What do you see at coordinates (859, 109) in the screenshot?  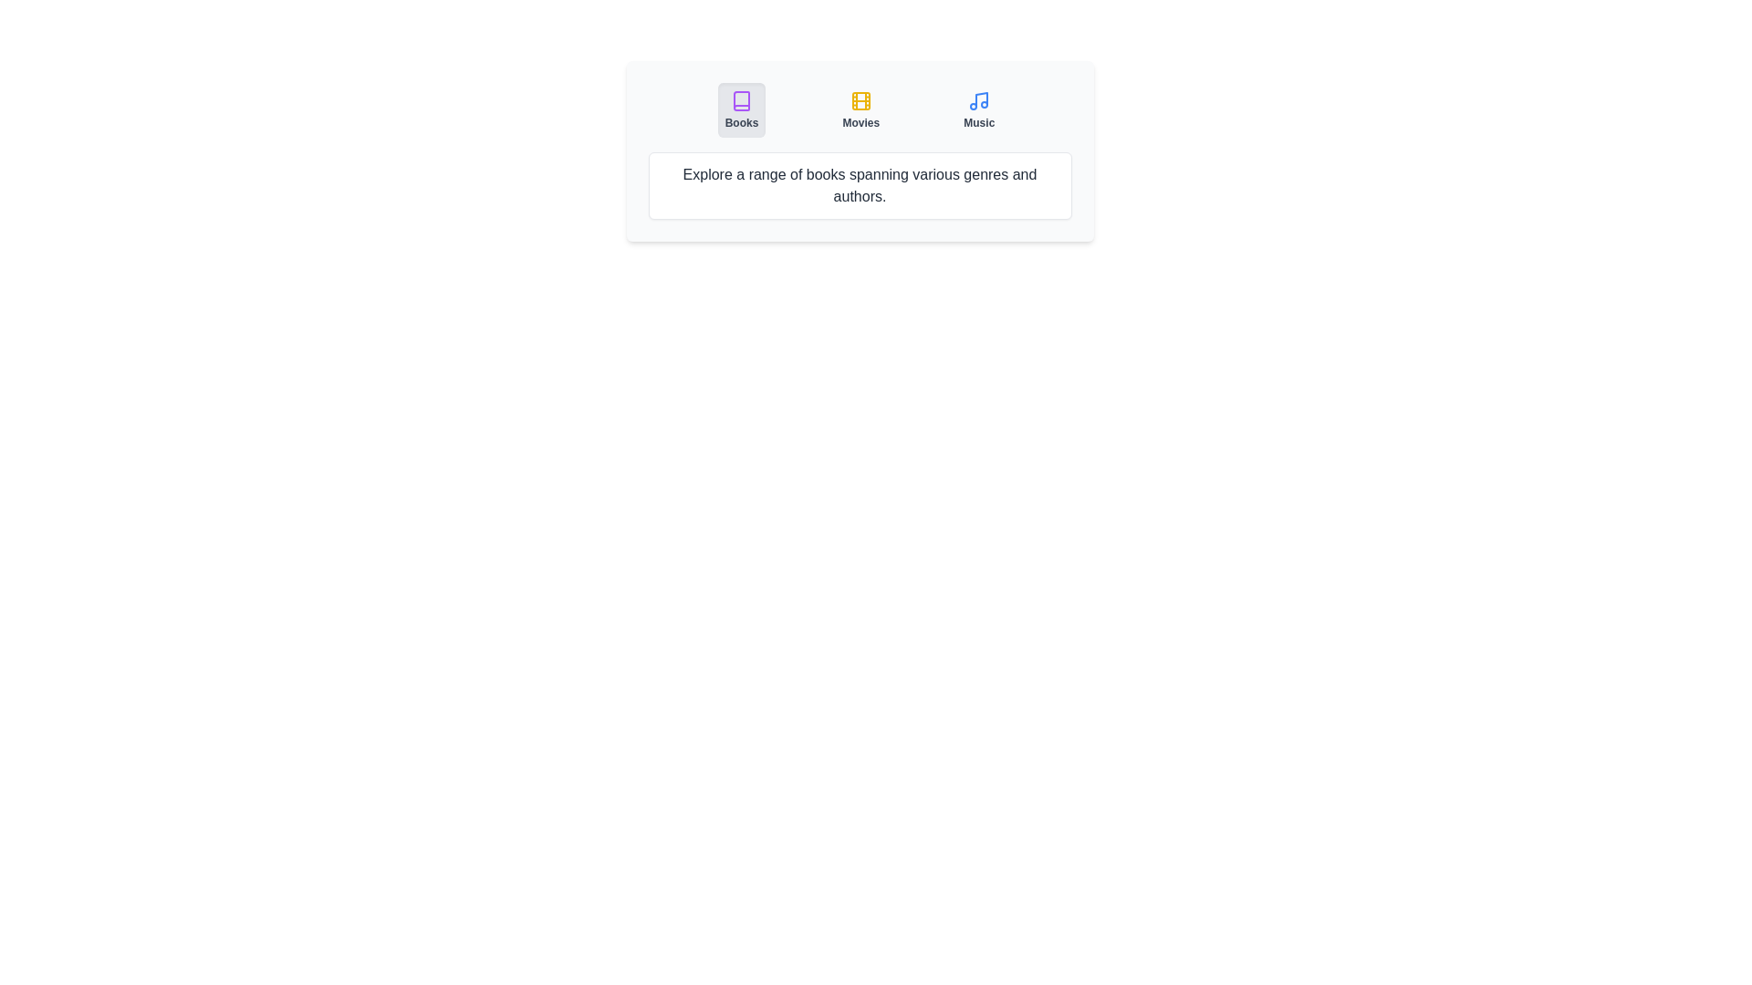 I see `the Movies tab to switch to its content` at bounding box center [859, 109].